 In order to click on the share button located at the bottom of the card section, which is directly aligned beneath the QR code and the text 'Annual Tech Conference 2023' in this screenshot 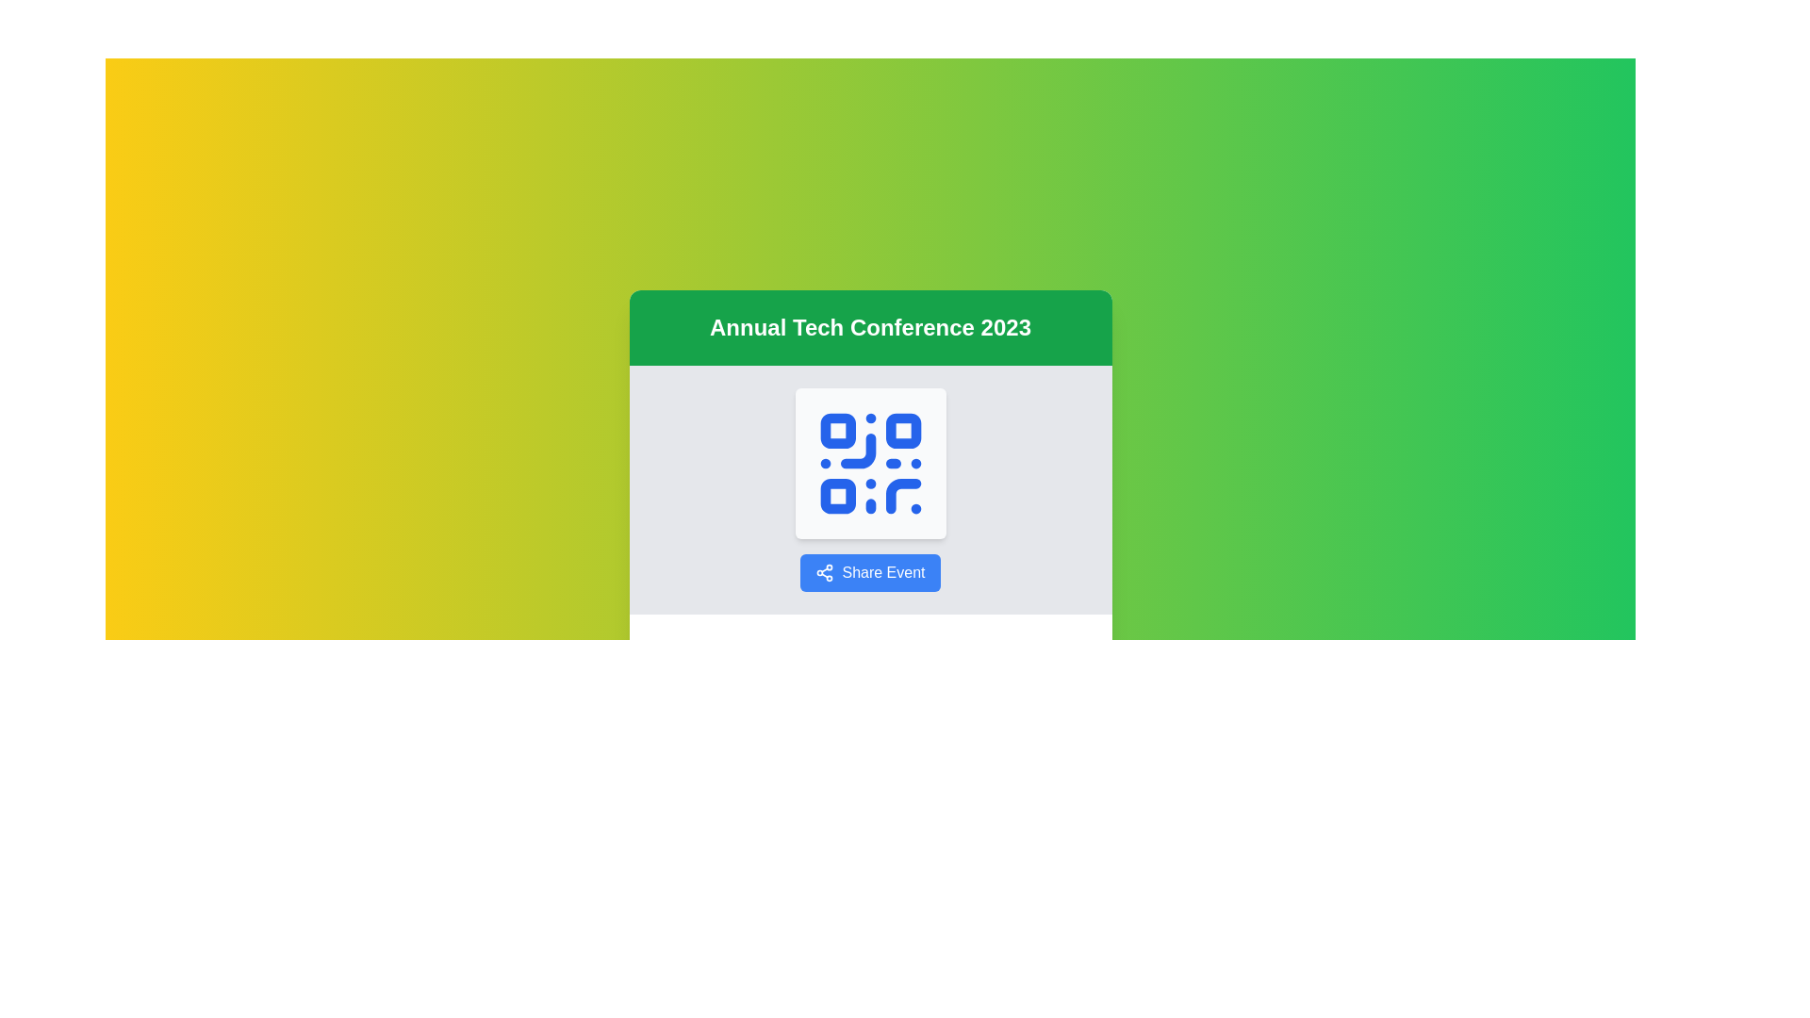, I will do `click(869, 572)`.